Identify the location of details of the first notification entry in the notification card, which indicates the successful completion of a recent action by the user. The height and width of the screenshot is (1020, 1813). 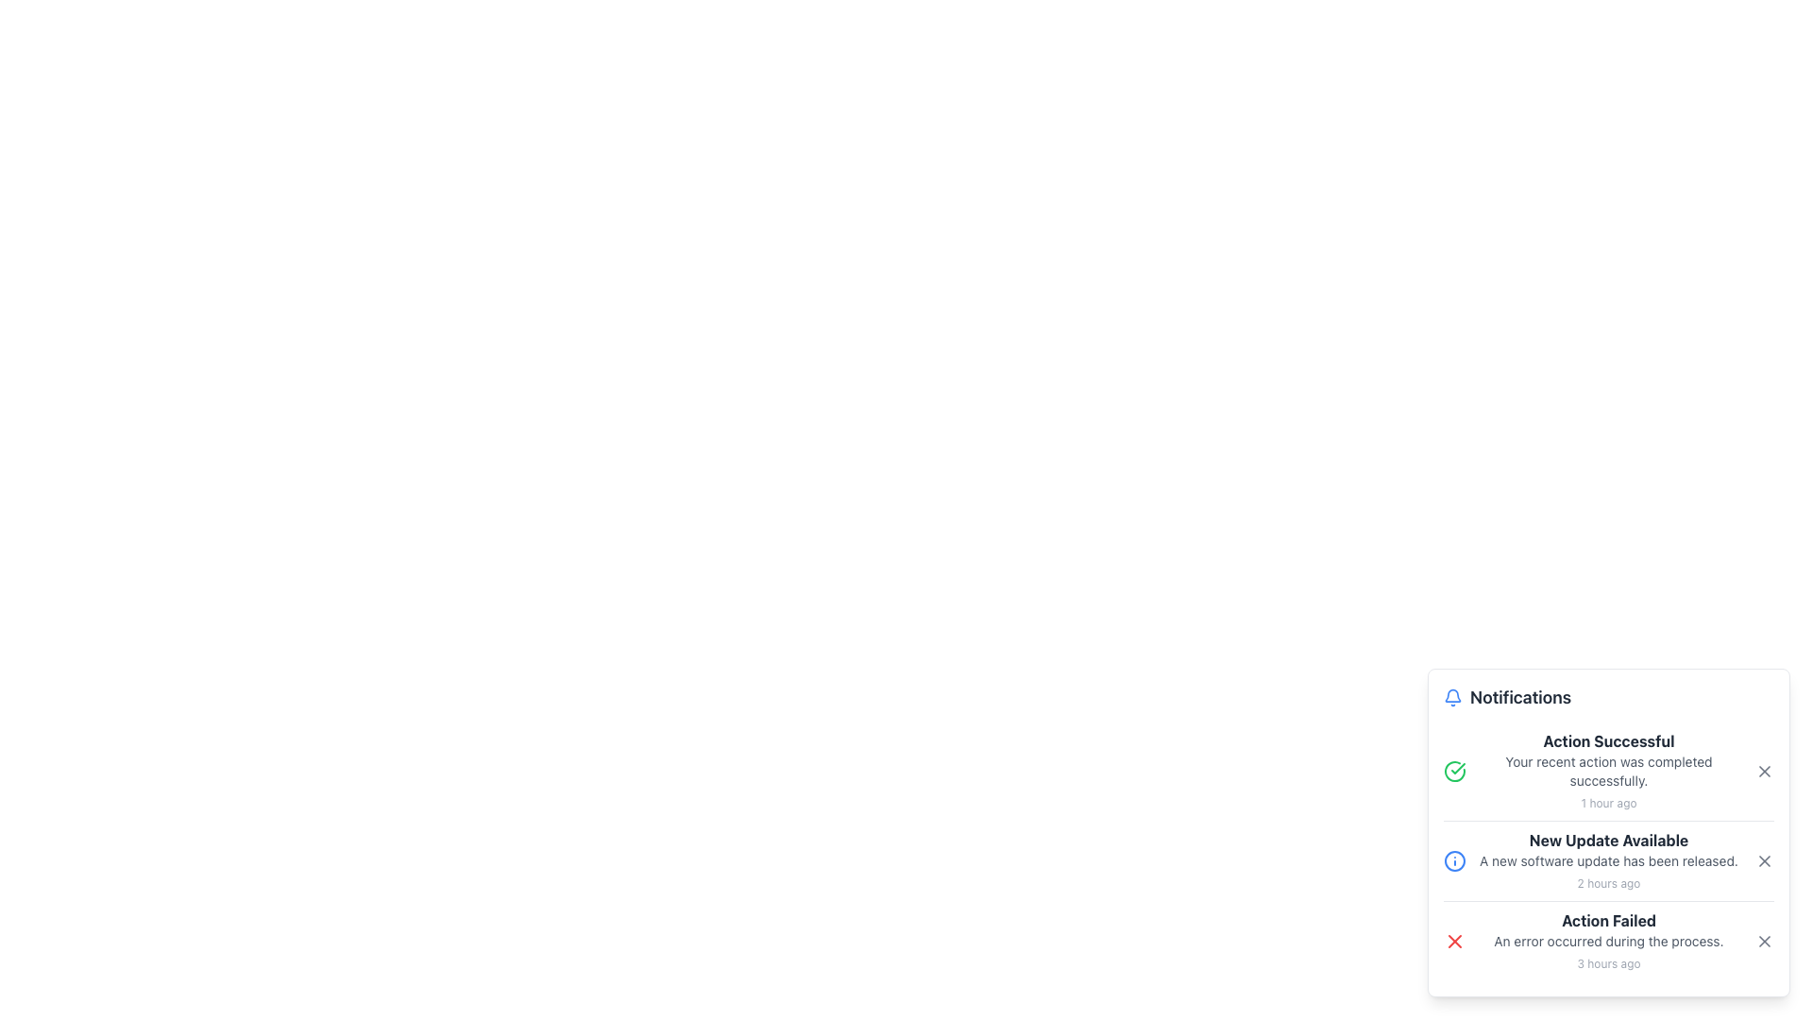
(1608, 772).